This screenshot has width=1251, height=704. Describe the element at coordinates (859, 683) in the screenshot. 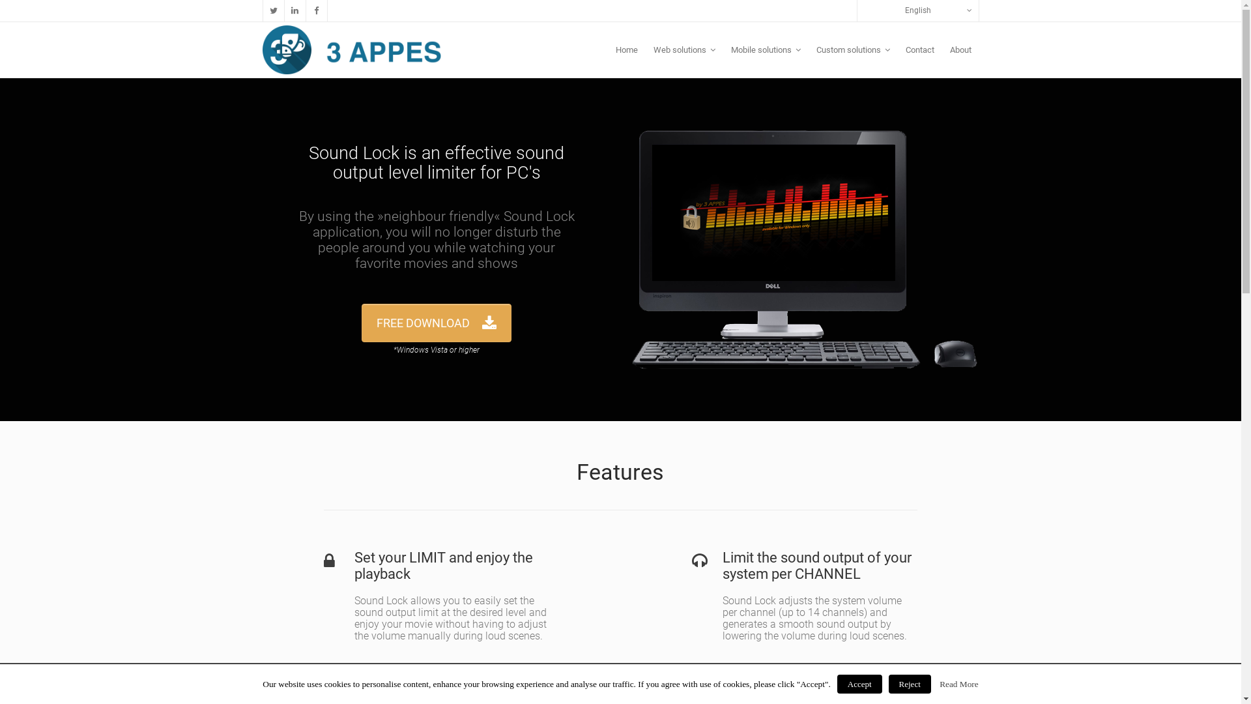

I see `'Accept'` at that location.